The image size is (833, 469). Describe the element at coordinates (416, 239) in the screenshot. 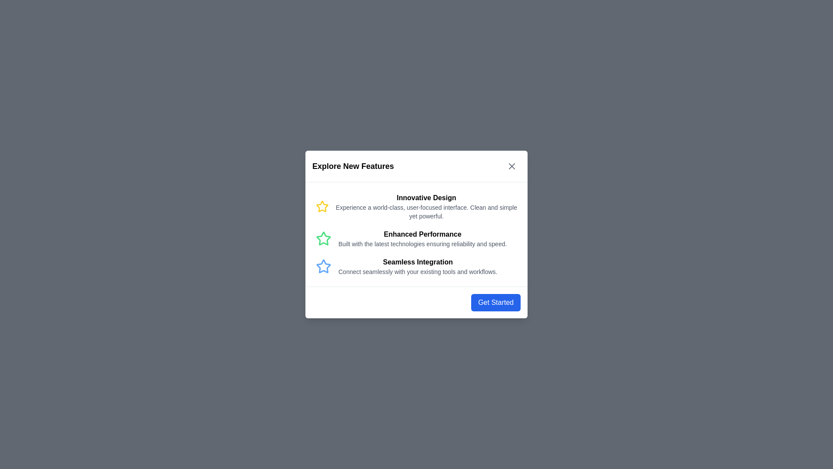

I see `the Informational Section titled 'Enhanced Performance' which features a green outlined star icon and descriptive text about reliability and speed` at that location.